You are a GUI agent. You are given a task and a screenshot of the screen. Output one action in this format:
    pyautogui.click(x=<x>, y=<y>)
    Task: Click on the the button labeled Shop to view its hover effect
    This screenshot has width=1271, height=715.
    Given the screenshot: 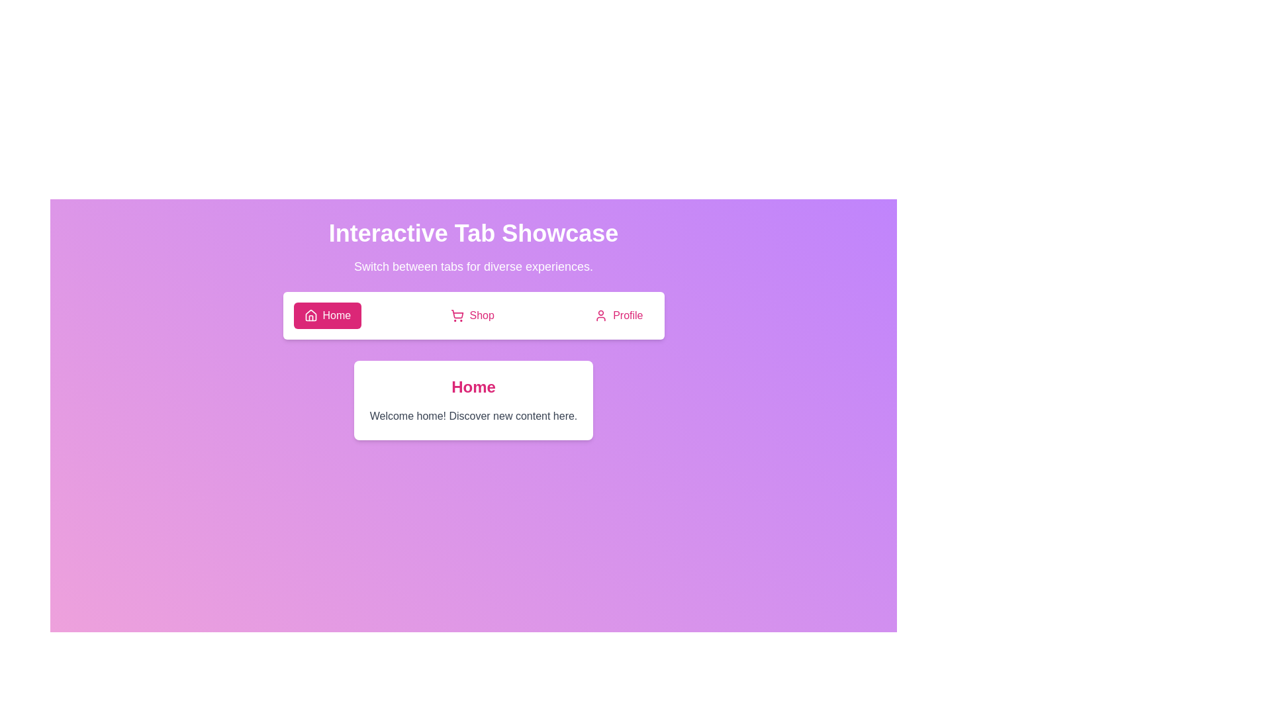 What is the action you would take?
    pyautogui.click(x=473, y=316)
    